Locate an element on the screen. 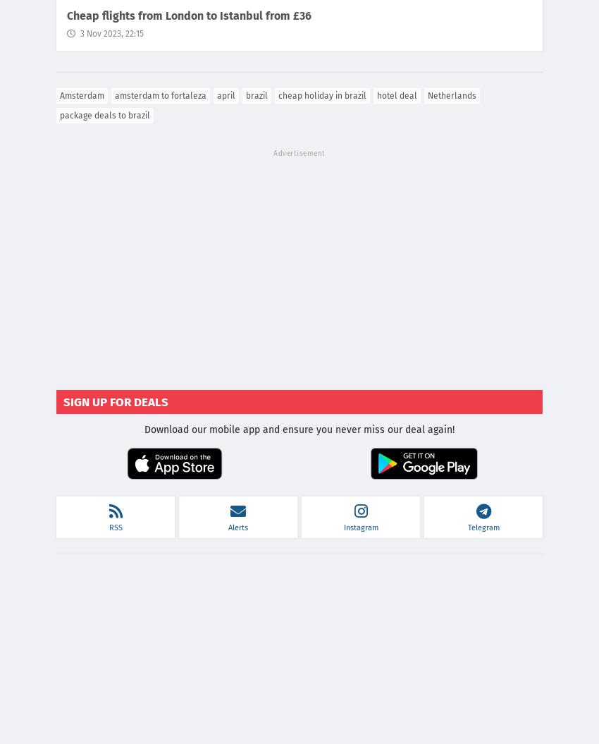 This screenshot has height=744, width=599. 'Telegram' is located at coordinates (482, 527).